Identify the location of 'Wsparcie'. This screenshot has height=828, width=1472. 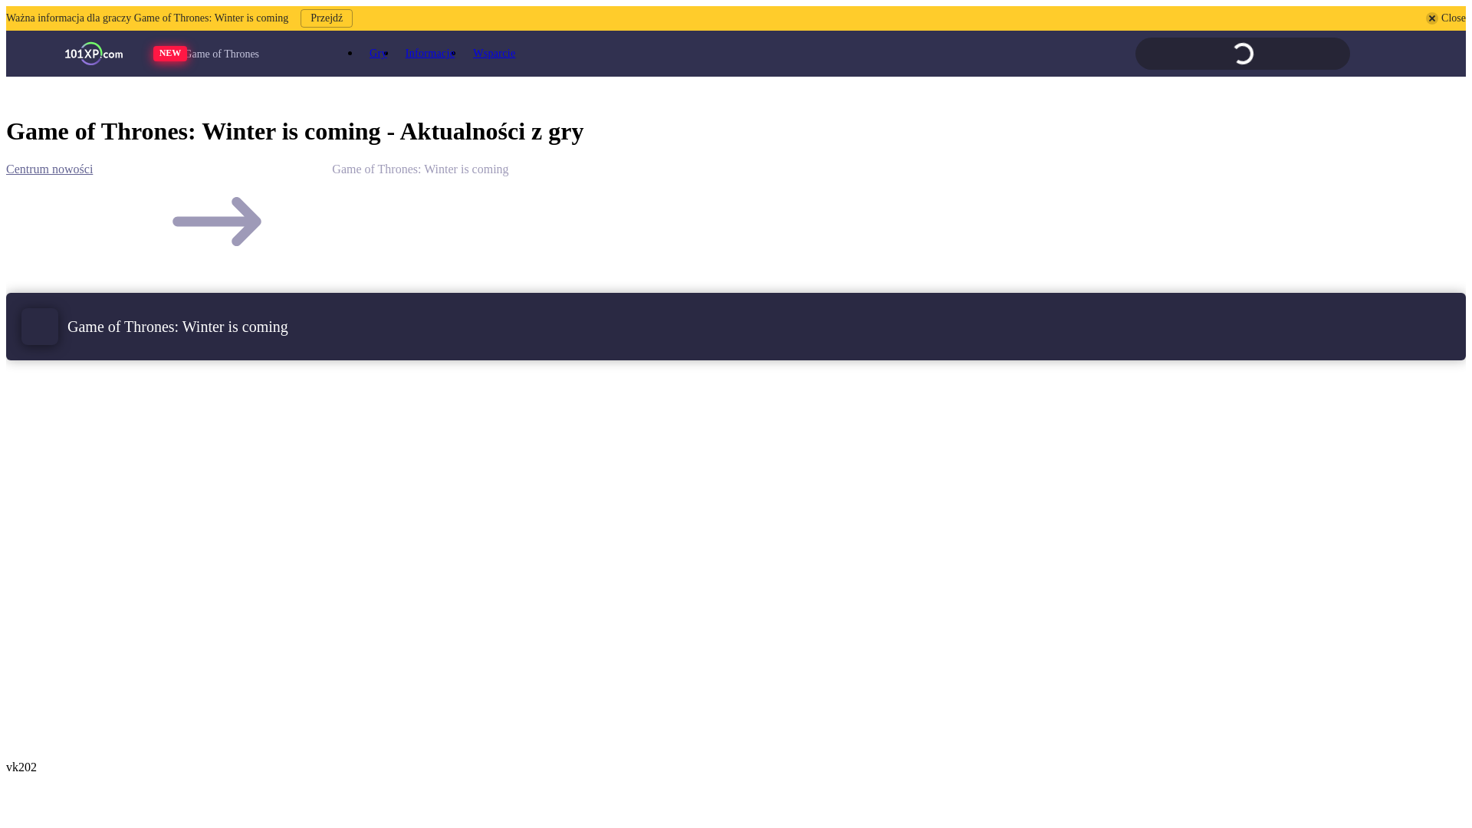
(462, 52).